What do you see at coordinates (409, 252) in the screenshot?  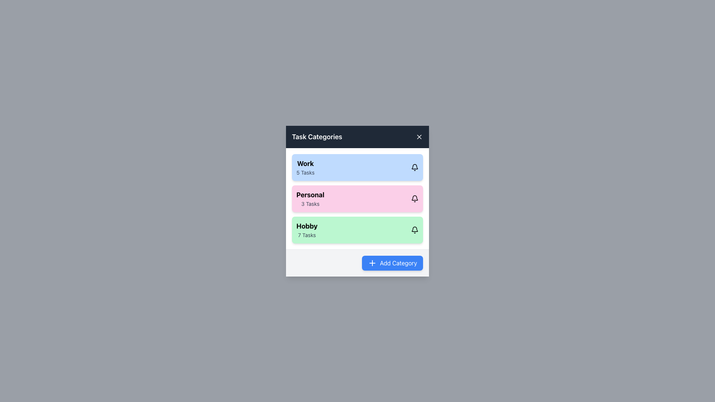 I see `the 'Add Category' button, which is a blue rectangular button with rounded corners located at the bottom of the dialog box` at bounding box center [409, 252].